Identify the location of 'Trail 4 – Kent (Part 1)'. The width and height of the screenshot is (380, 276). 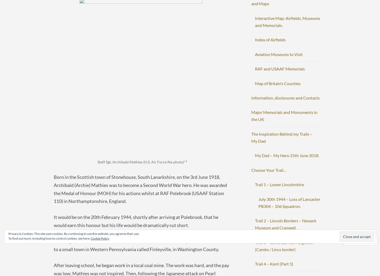
(274, 263).